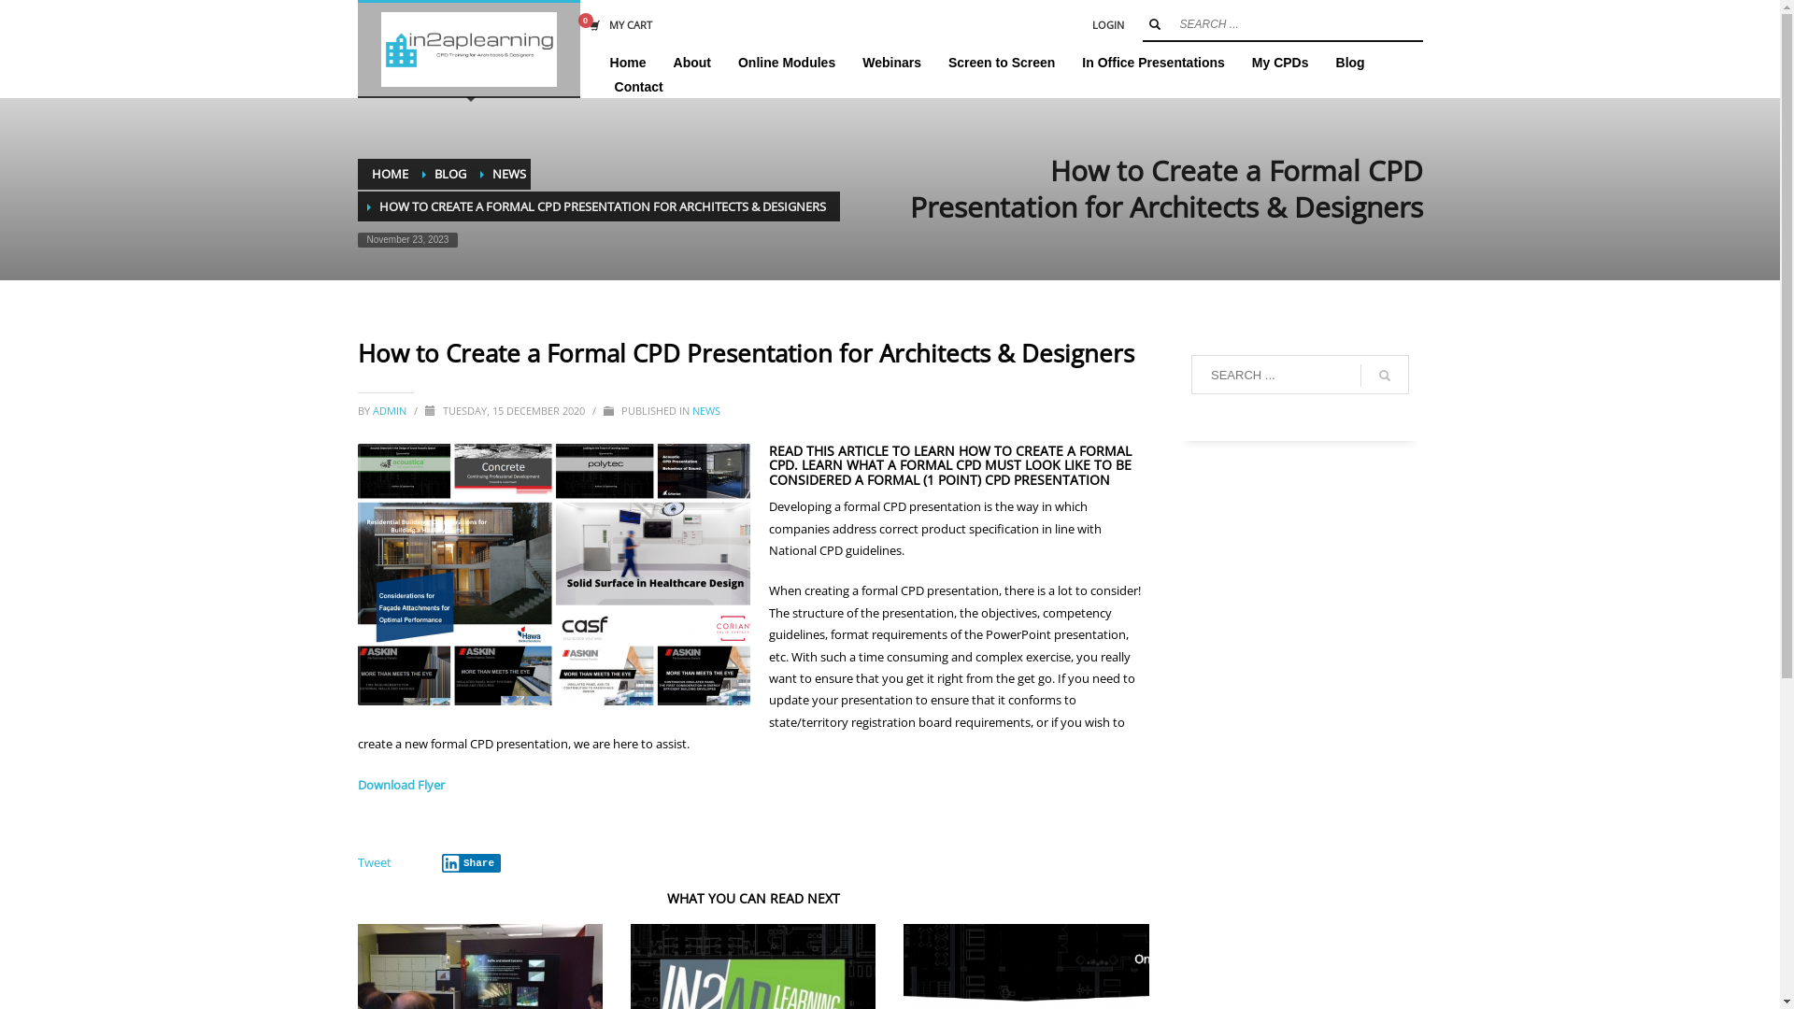 Image resolution: width=1794 pixels, height=1009 pixels. What do you see at coordinates (1279, 61) in the screenshot?
I see `'My CPDs'` at bounding box center [1279, 61].